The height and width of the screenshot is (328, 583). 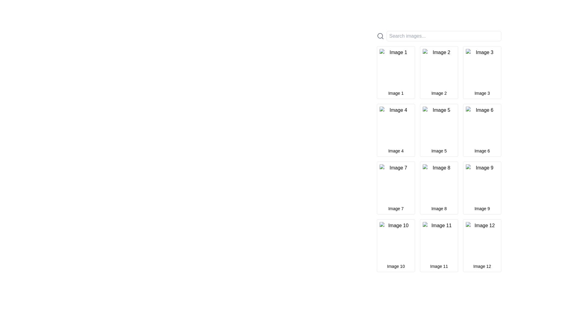 What do you see at coordinates (396, 72) in the screenshot?
I see `the first grid tile which displays 'Image 1'` at bounding box center [396, 72].